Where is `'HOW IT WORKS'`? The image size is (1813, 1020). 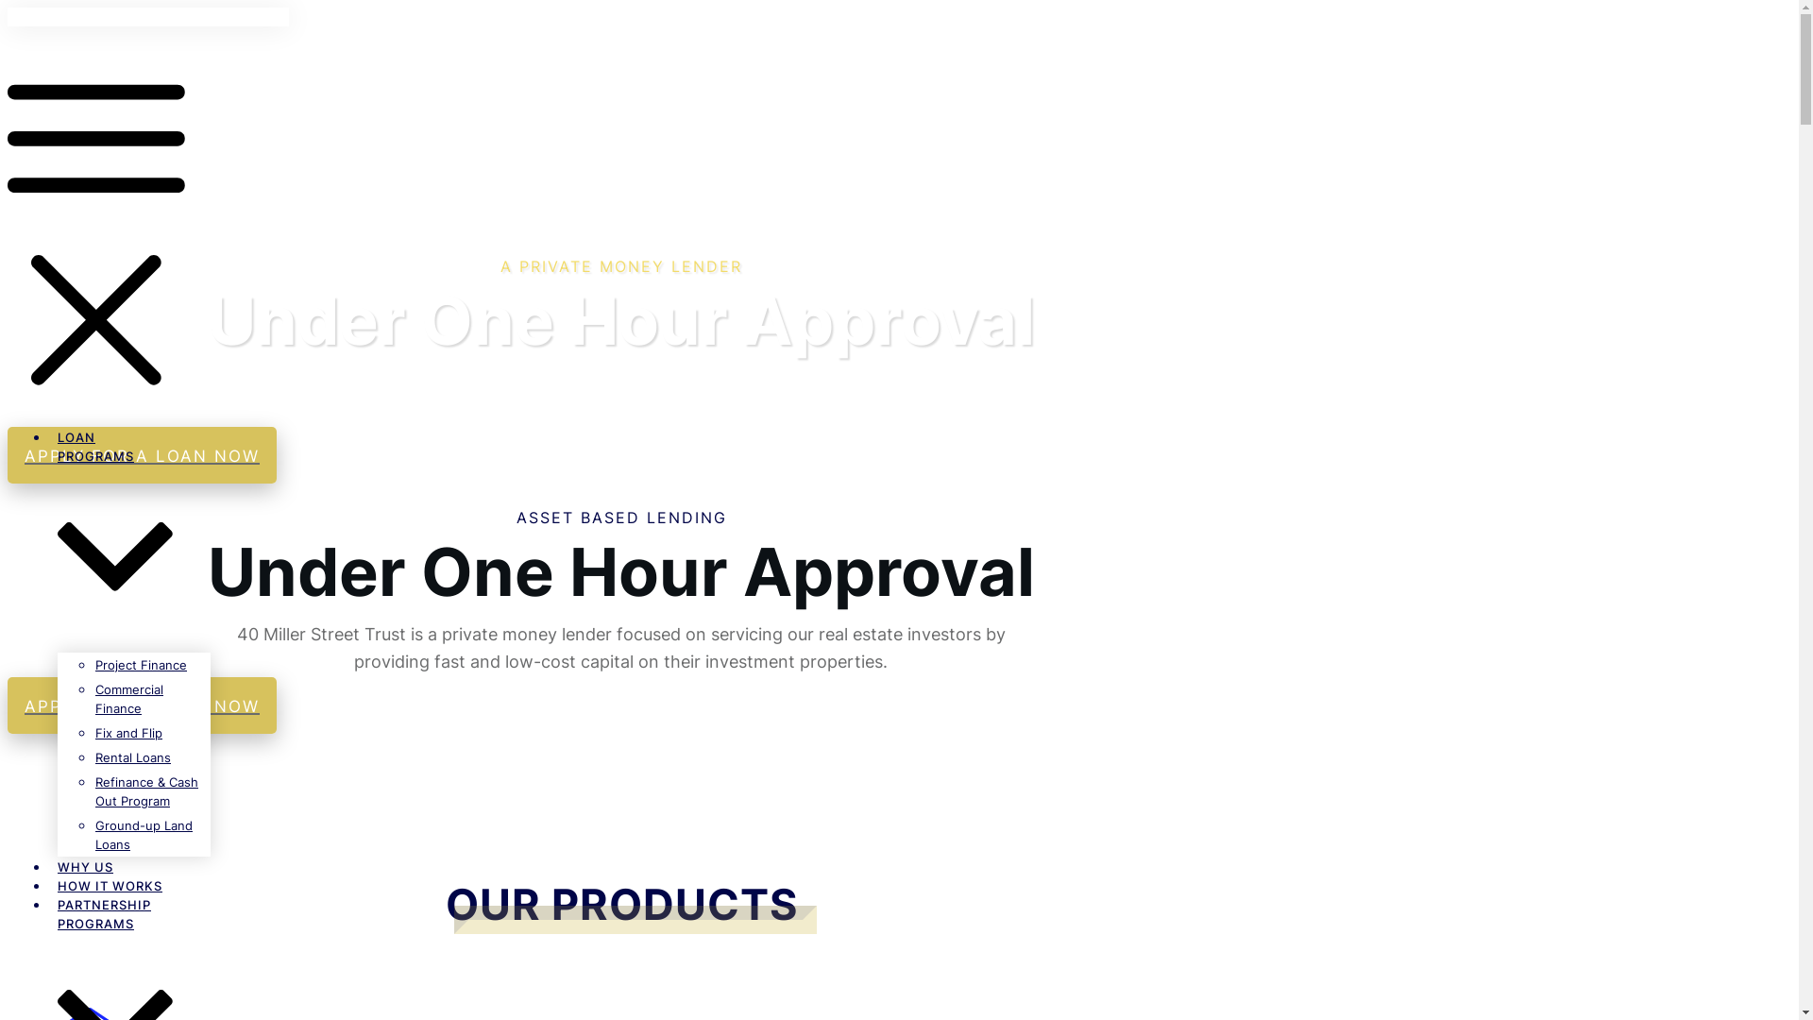
'HOW IT WORKS' is located at coordinates (58, 885).